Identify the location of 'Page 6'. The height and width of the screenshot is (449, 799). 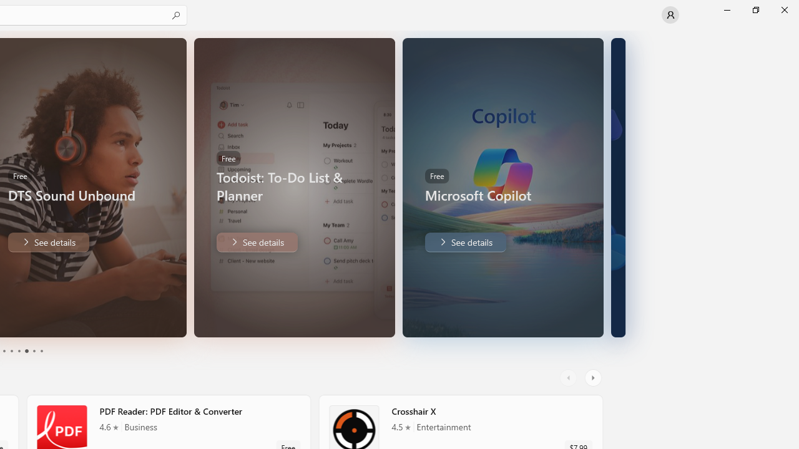
(41, 351).